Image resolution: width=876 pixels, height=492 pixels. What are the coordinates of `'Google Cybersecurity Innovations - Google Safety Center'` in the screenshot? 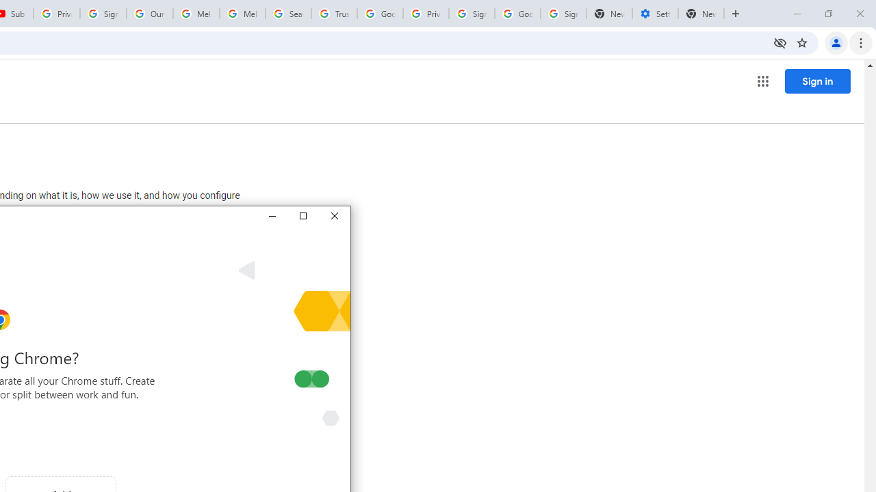 It's located at (517, 14).